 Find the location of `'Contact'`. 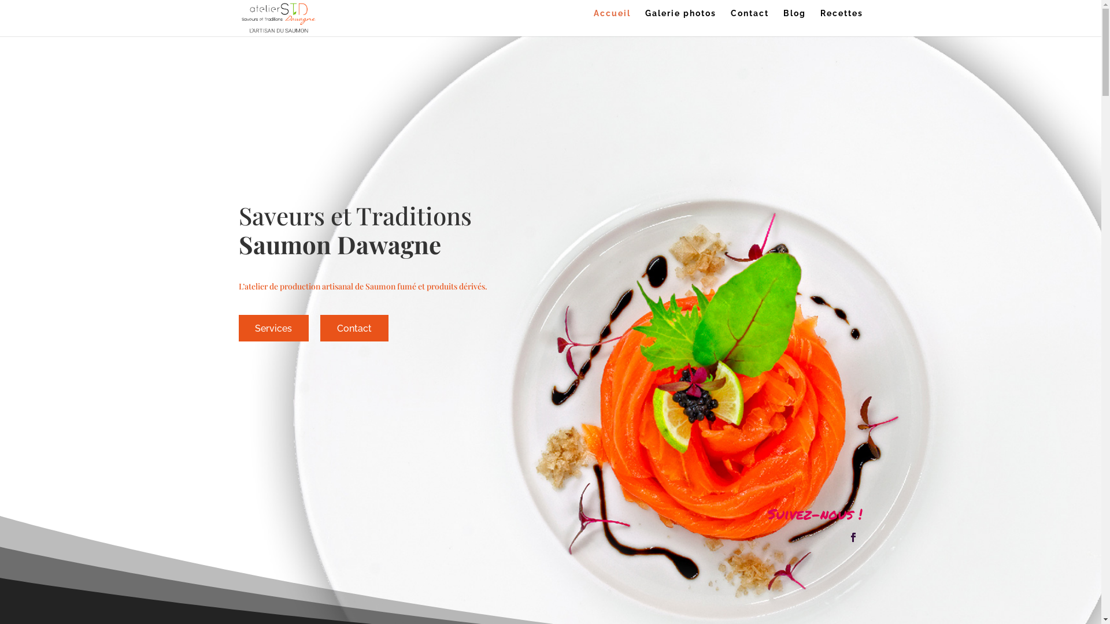

'Contact' is located at coordinates (749, 23).